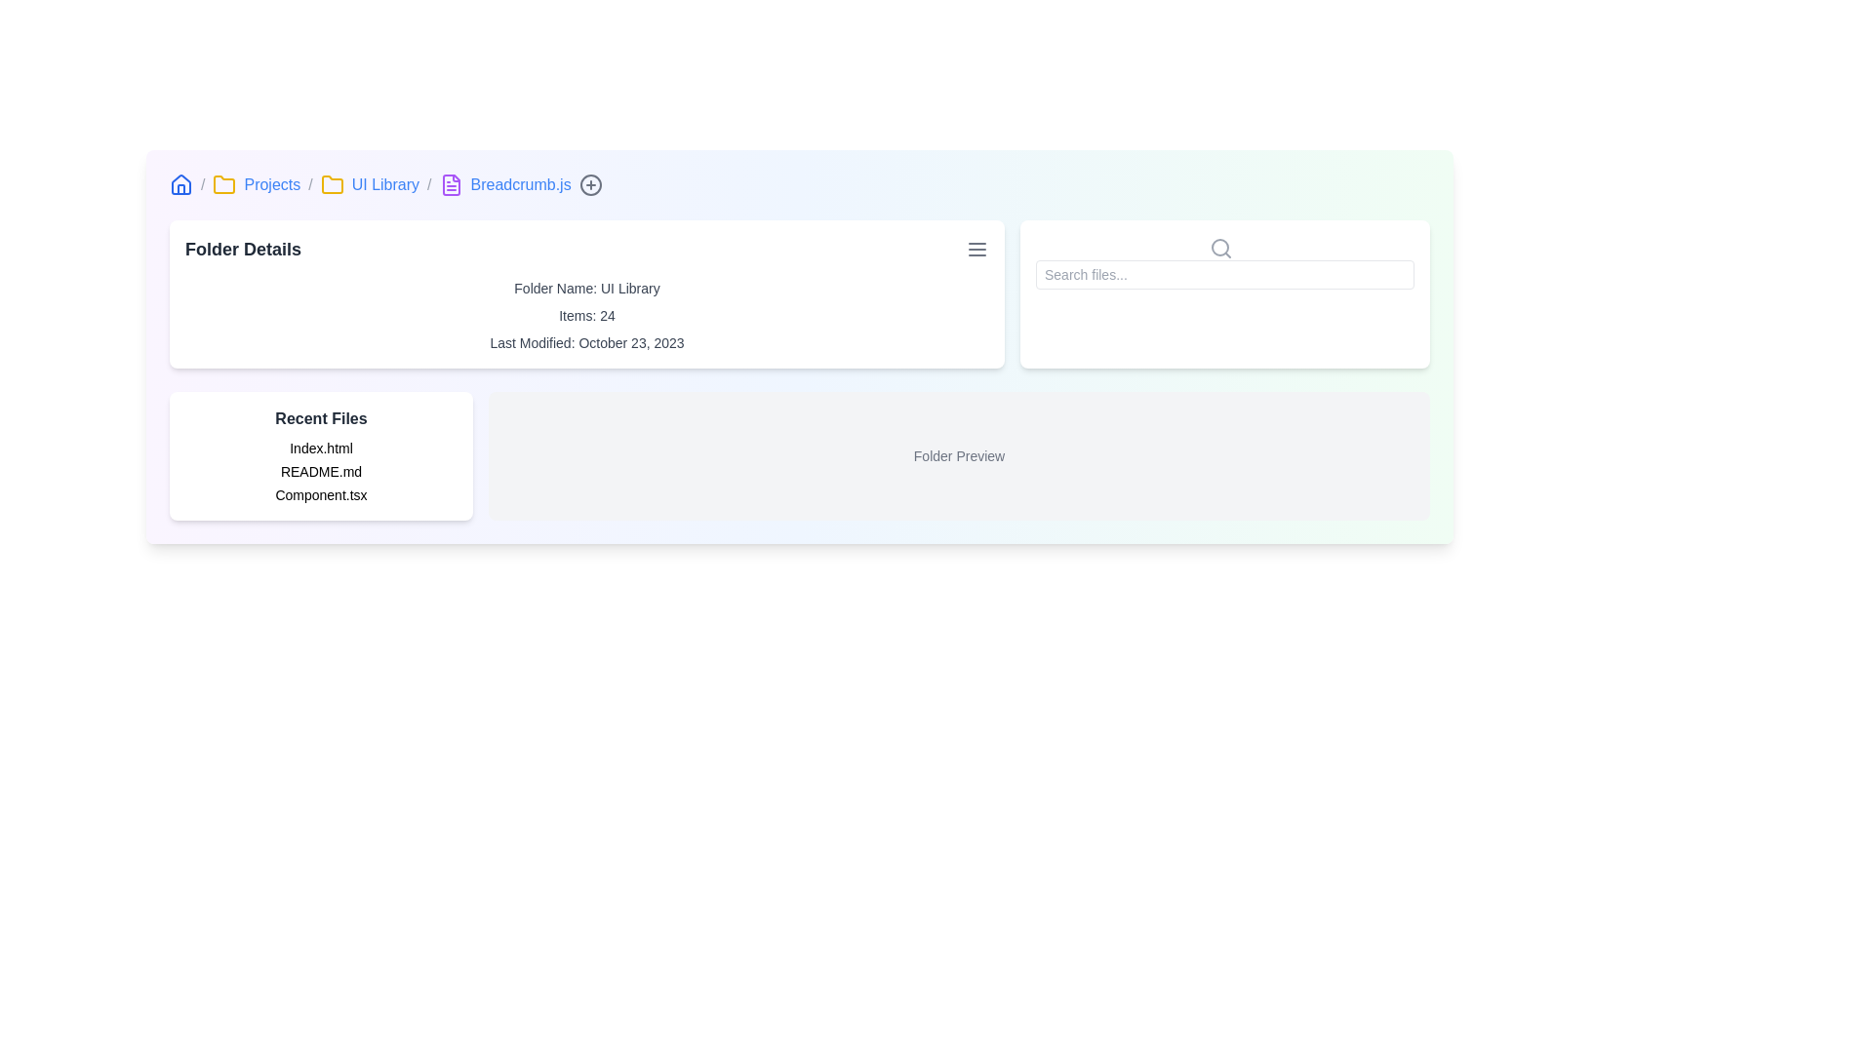 This screenshot has height=1053, width=1873. What do you see at coordinates (242, 248) in the screenshot?
I see `text content of the 'Folder Details' label, which is prominently displayed in bold dark gray font in the upper-left corner of the main content area` at bounding box center [242, 248].